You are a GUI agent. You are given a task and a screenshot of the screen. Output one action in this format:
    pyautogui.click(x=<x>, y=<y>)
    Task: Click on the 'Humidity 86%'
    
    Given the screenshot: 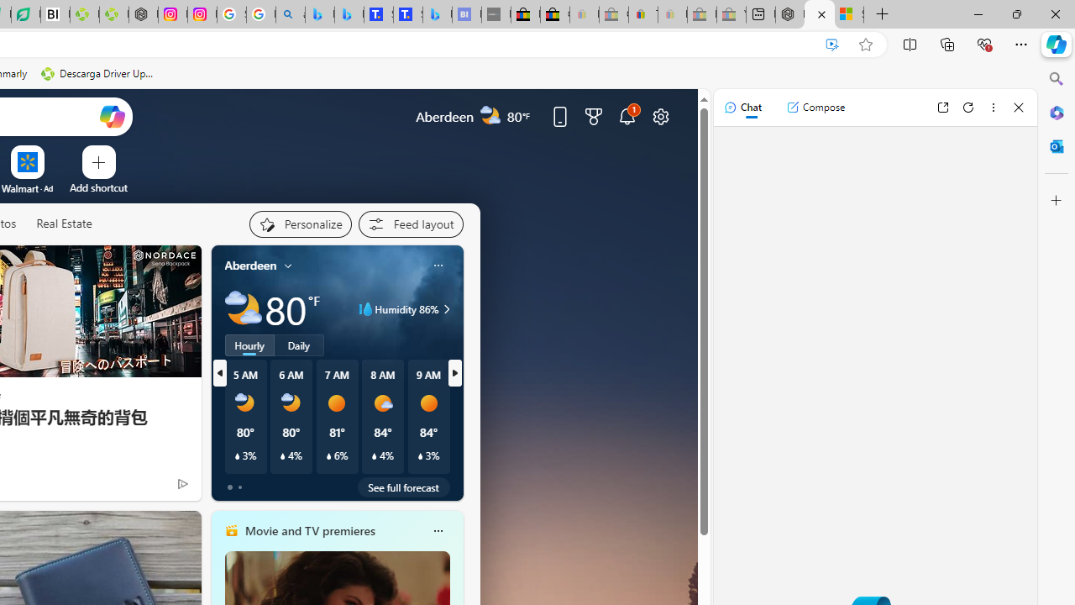 What is the action you would take?
    pyautogui.click(x=444, y=308)
    